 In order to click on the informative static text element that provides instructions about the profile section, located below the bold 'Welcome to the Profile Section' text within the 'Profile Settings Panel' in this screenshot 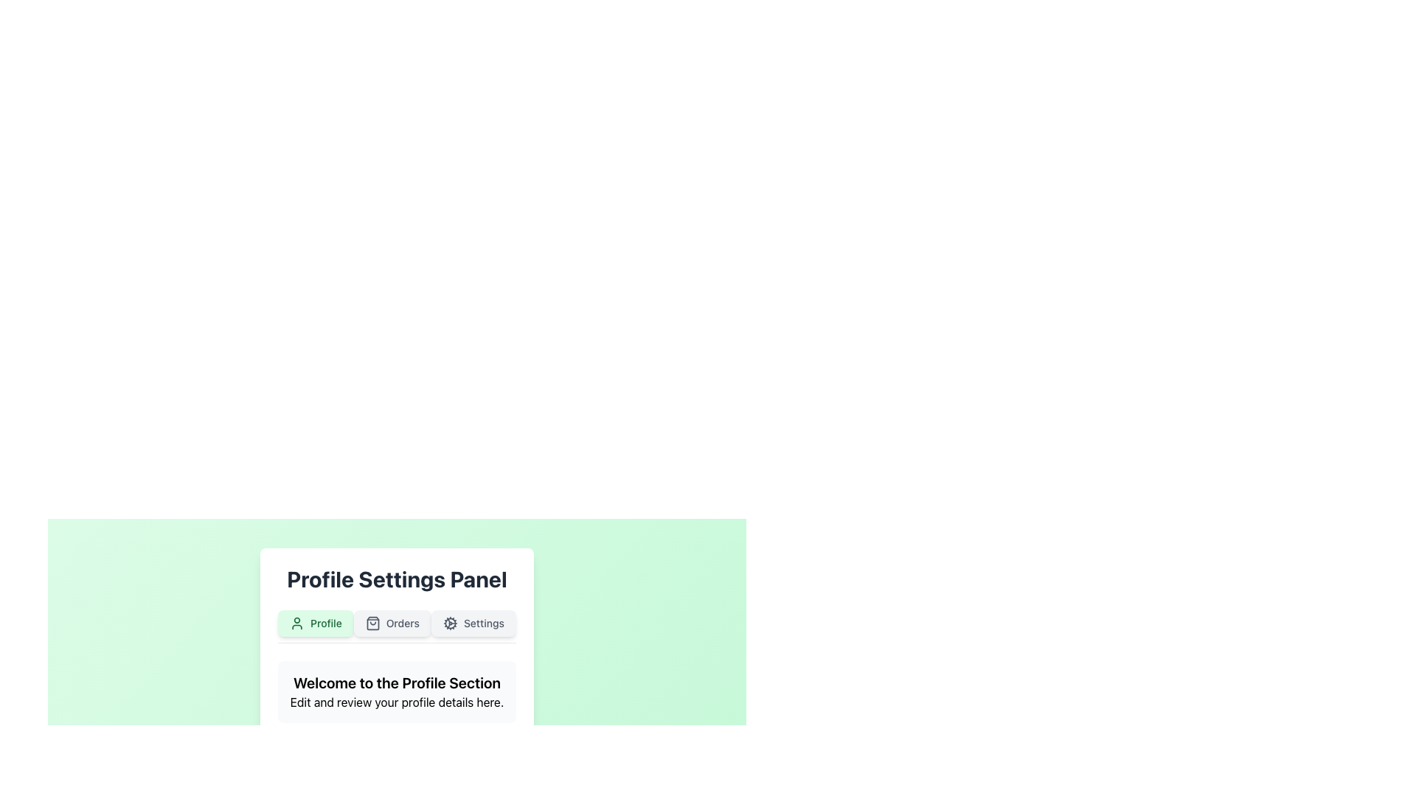, I will do `click(397, 701)`.